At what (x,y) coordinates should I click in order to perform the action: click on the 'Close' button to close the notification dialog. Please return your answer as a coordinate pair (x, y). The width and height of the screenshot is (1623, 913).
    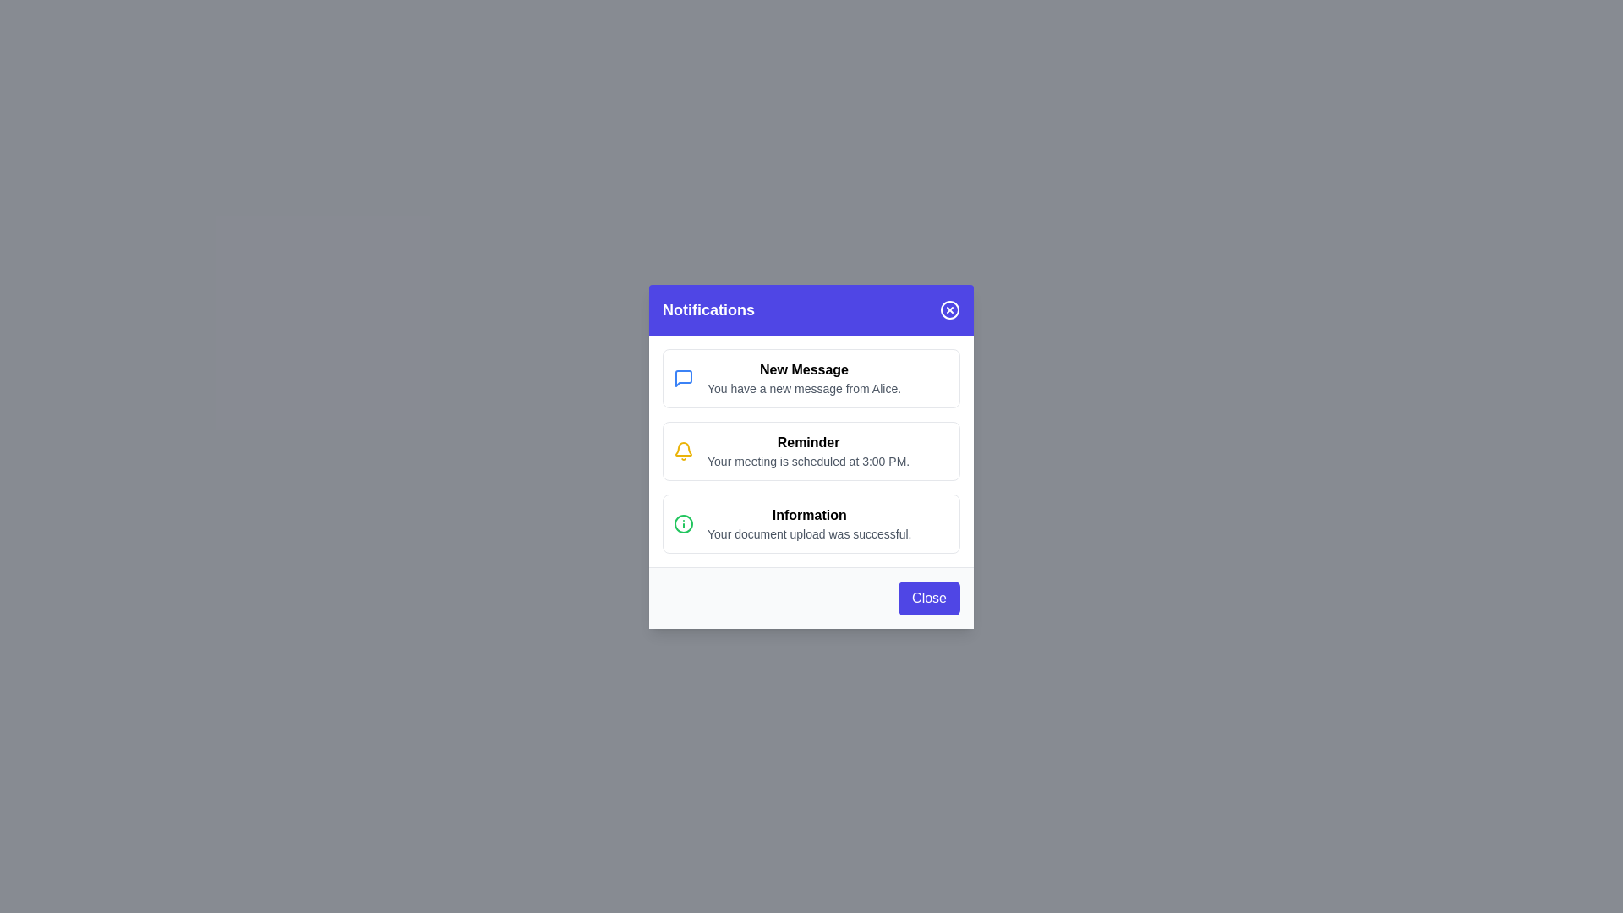
    Looking at the image, I should click on (928, 597).